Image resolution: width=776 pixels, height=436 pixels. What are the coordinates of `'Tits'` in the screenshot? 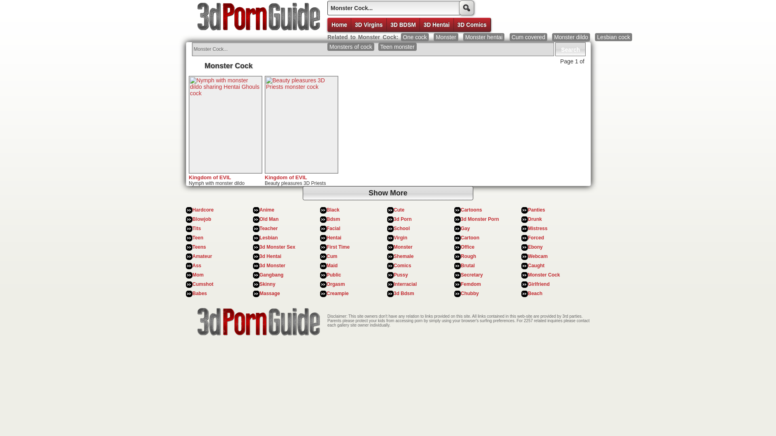 It's located at (192, 228).